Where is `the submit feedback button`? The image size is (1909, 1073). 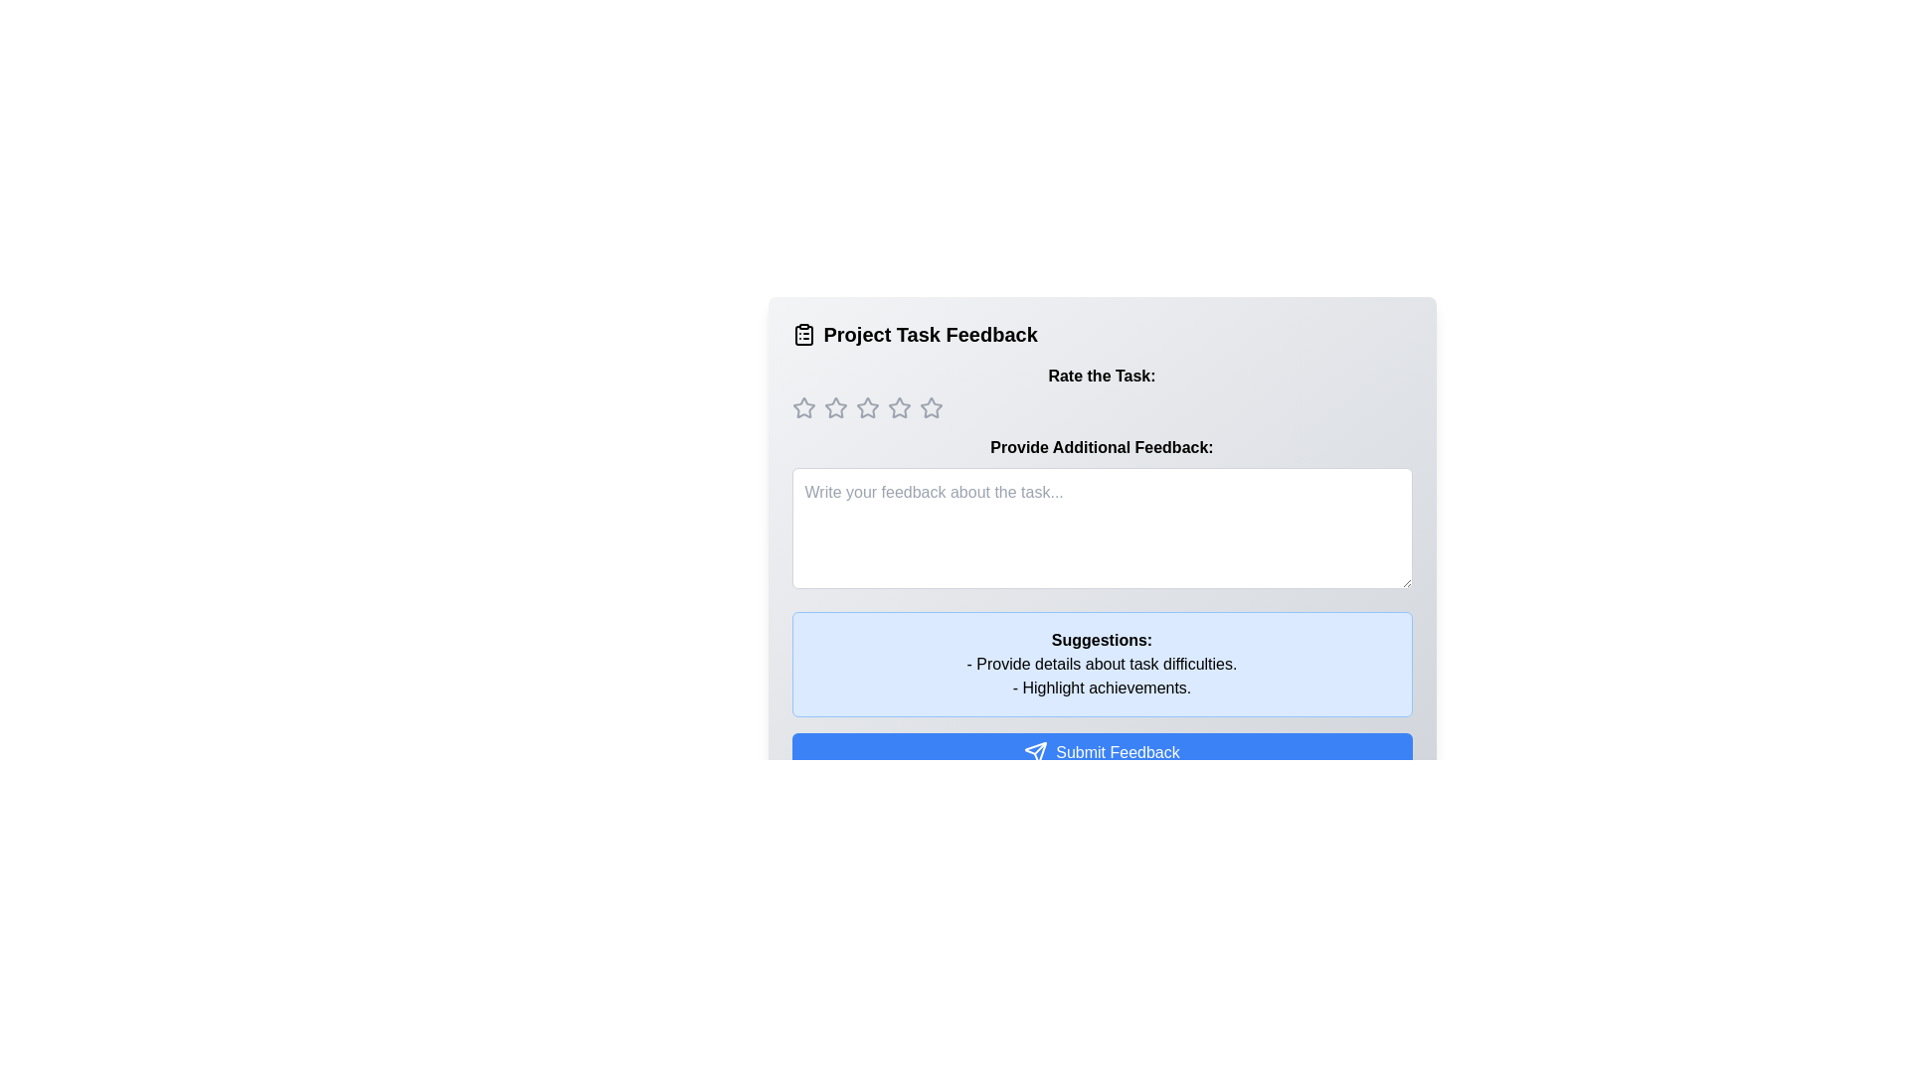
the submit feedback button is located at coordinates (1101, 753).